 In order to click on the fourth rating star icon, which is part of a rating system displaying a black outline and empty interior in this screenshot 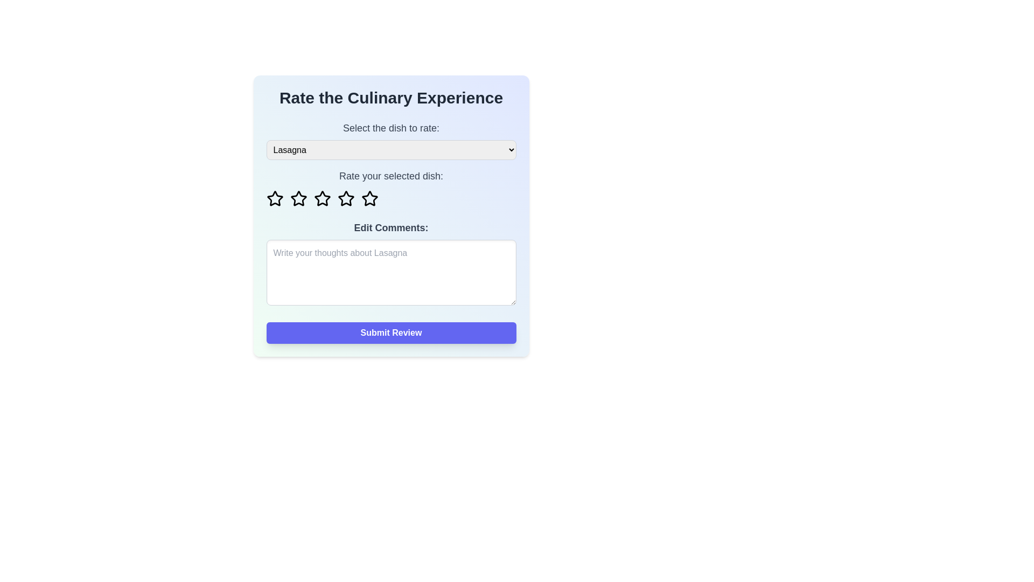, I will do `click(346, 199)`.